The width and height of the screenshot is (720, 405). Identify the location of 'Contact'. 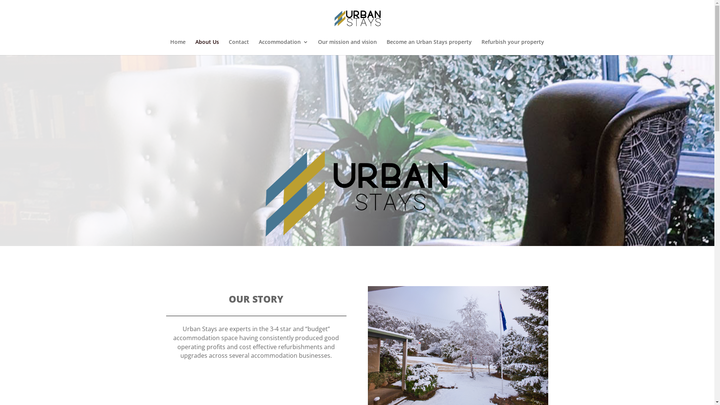
(238, 47).